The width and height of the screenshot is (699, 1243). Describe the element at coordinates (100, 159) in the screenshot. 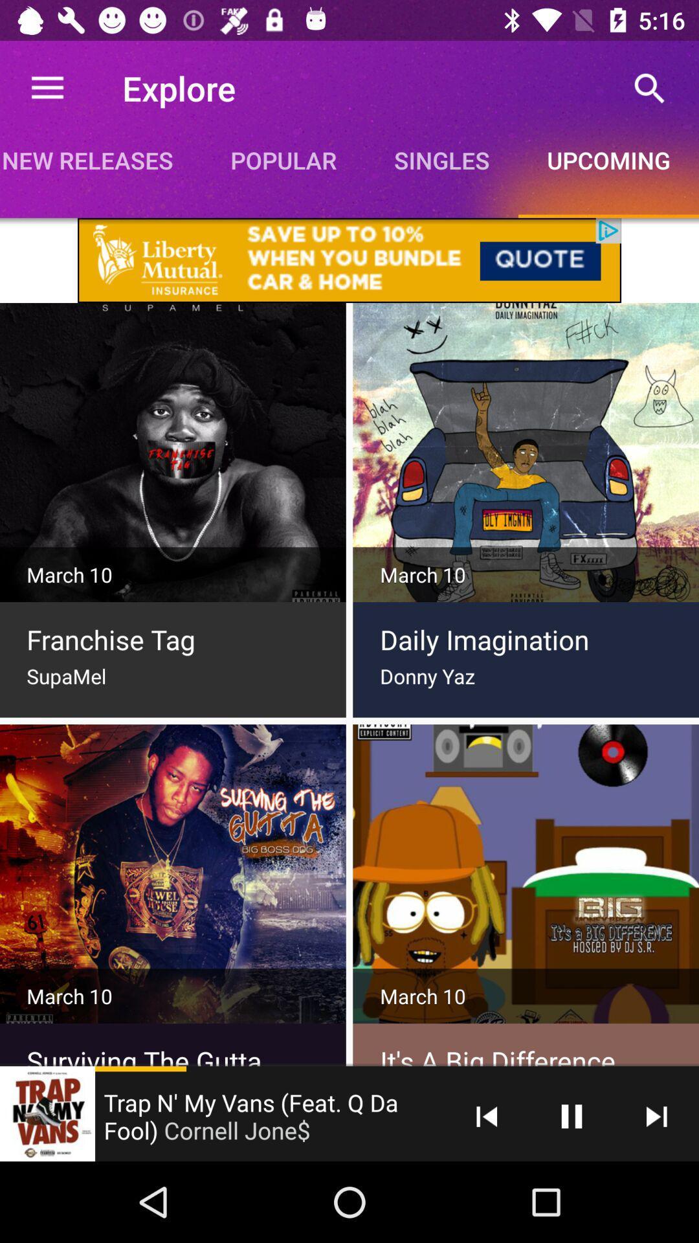

I see `new releases app` at that location.